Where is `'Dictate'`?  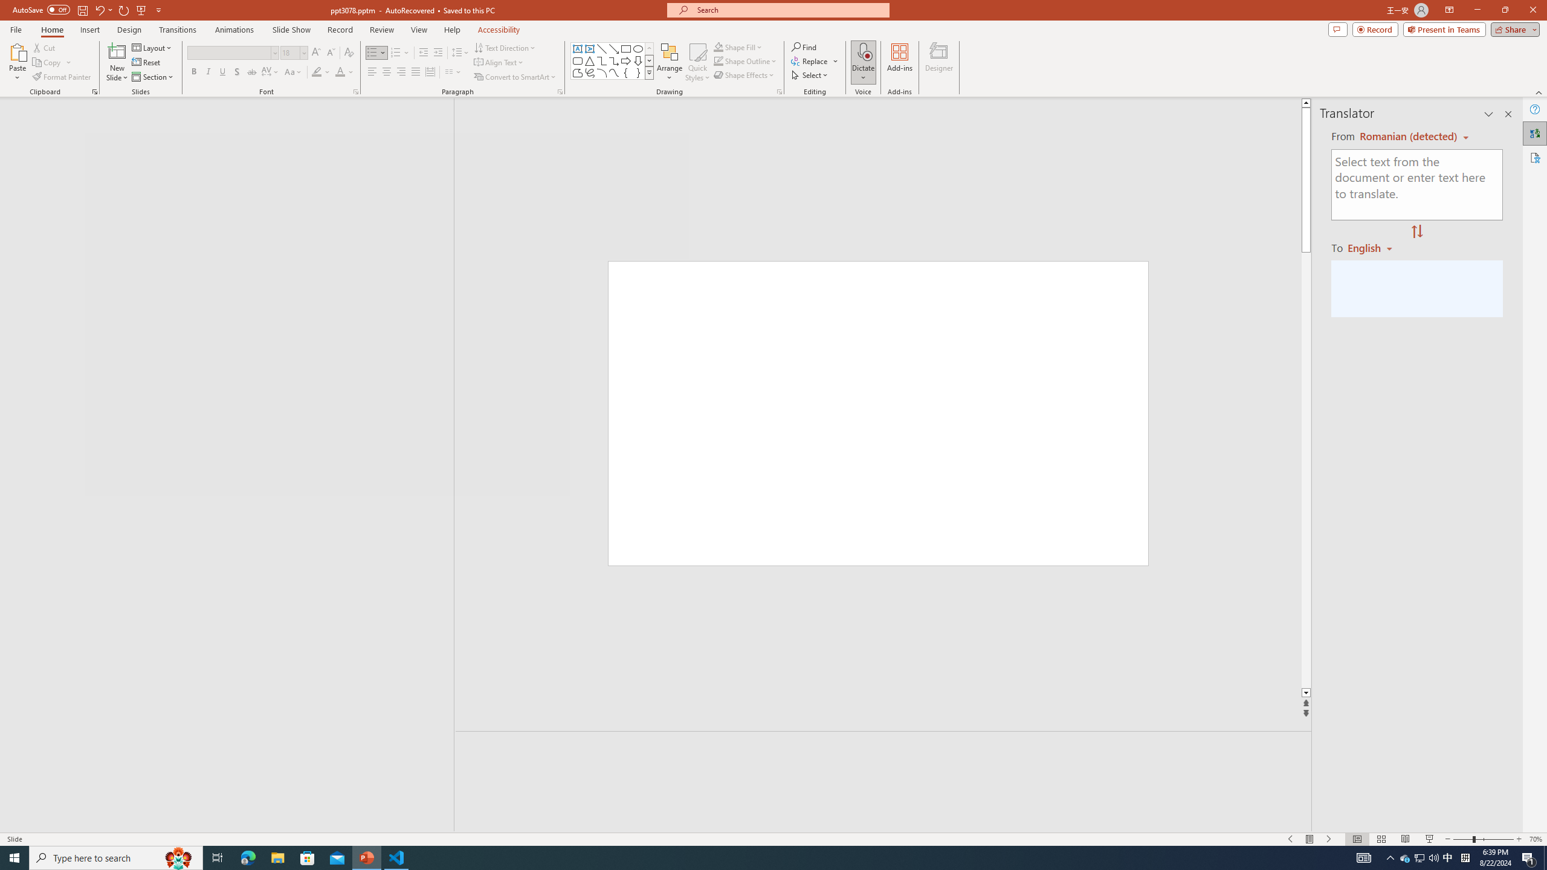
'Dictate' is located at coordinates (862, 51).